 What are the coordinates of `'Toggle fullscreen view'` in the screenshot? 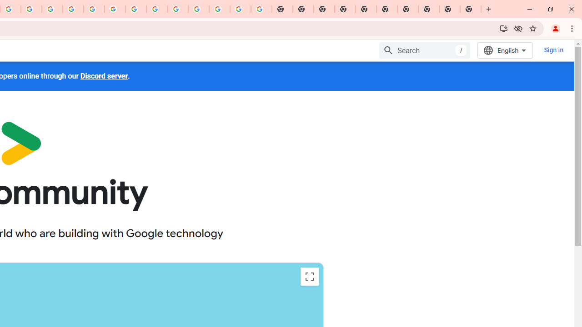 It's located at (309, 276).